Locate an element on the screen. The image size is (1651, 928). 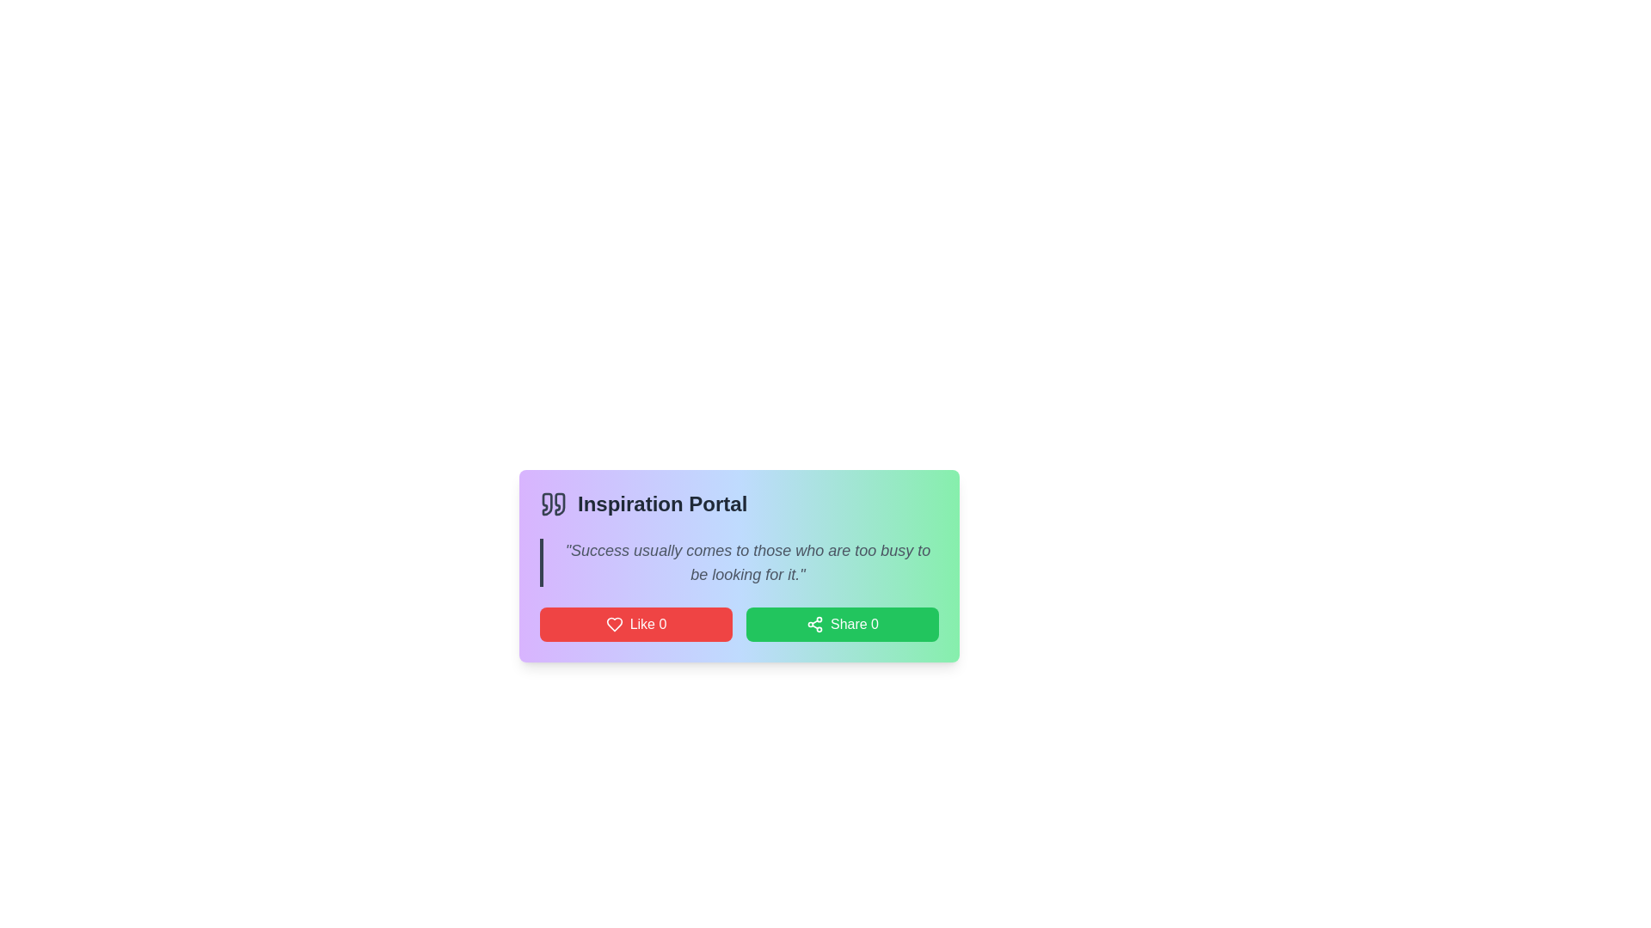
the red 'Like 0' button with a heart-shaped icon on its left to trigger its hover effect is located at coordinates (635, 624).